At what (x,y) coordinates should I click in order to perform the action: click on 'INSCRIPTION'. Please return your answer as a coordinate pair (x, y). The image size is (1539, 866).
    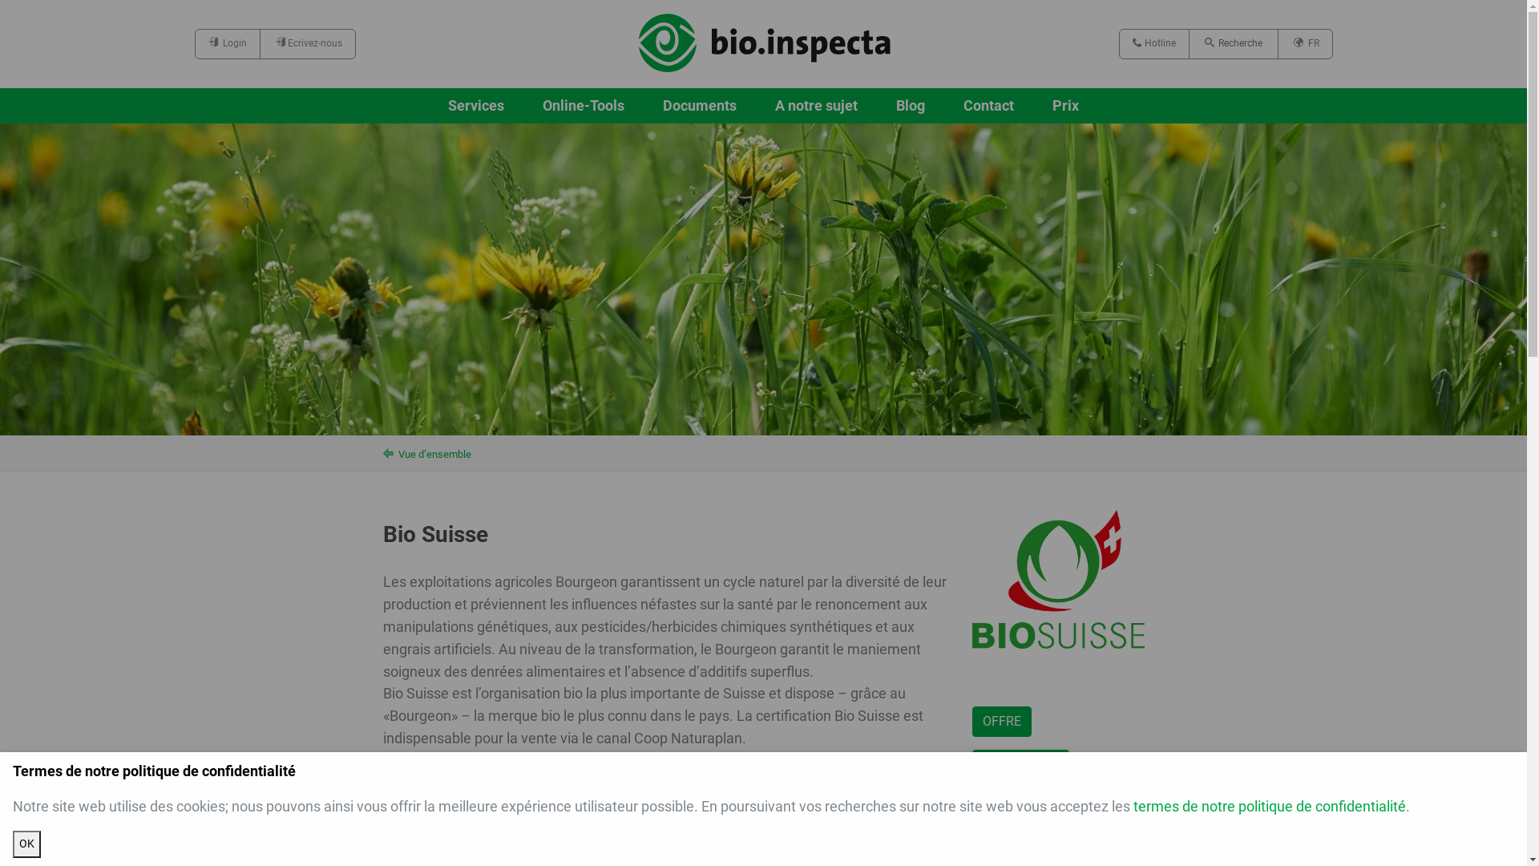
    Looking at the image, I should click on (1019, 763).